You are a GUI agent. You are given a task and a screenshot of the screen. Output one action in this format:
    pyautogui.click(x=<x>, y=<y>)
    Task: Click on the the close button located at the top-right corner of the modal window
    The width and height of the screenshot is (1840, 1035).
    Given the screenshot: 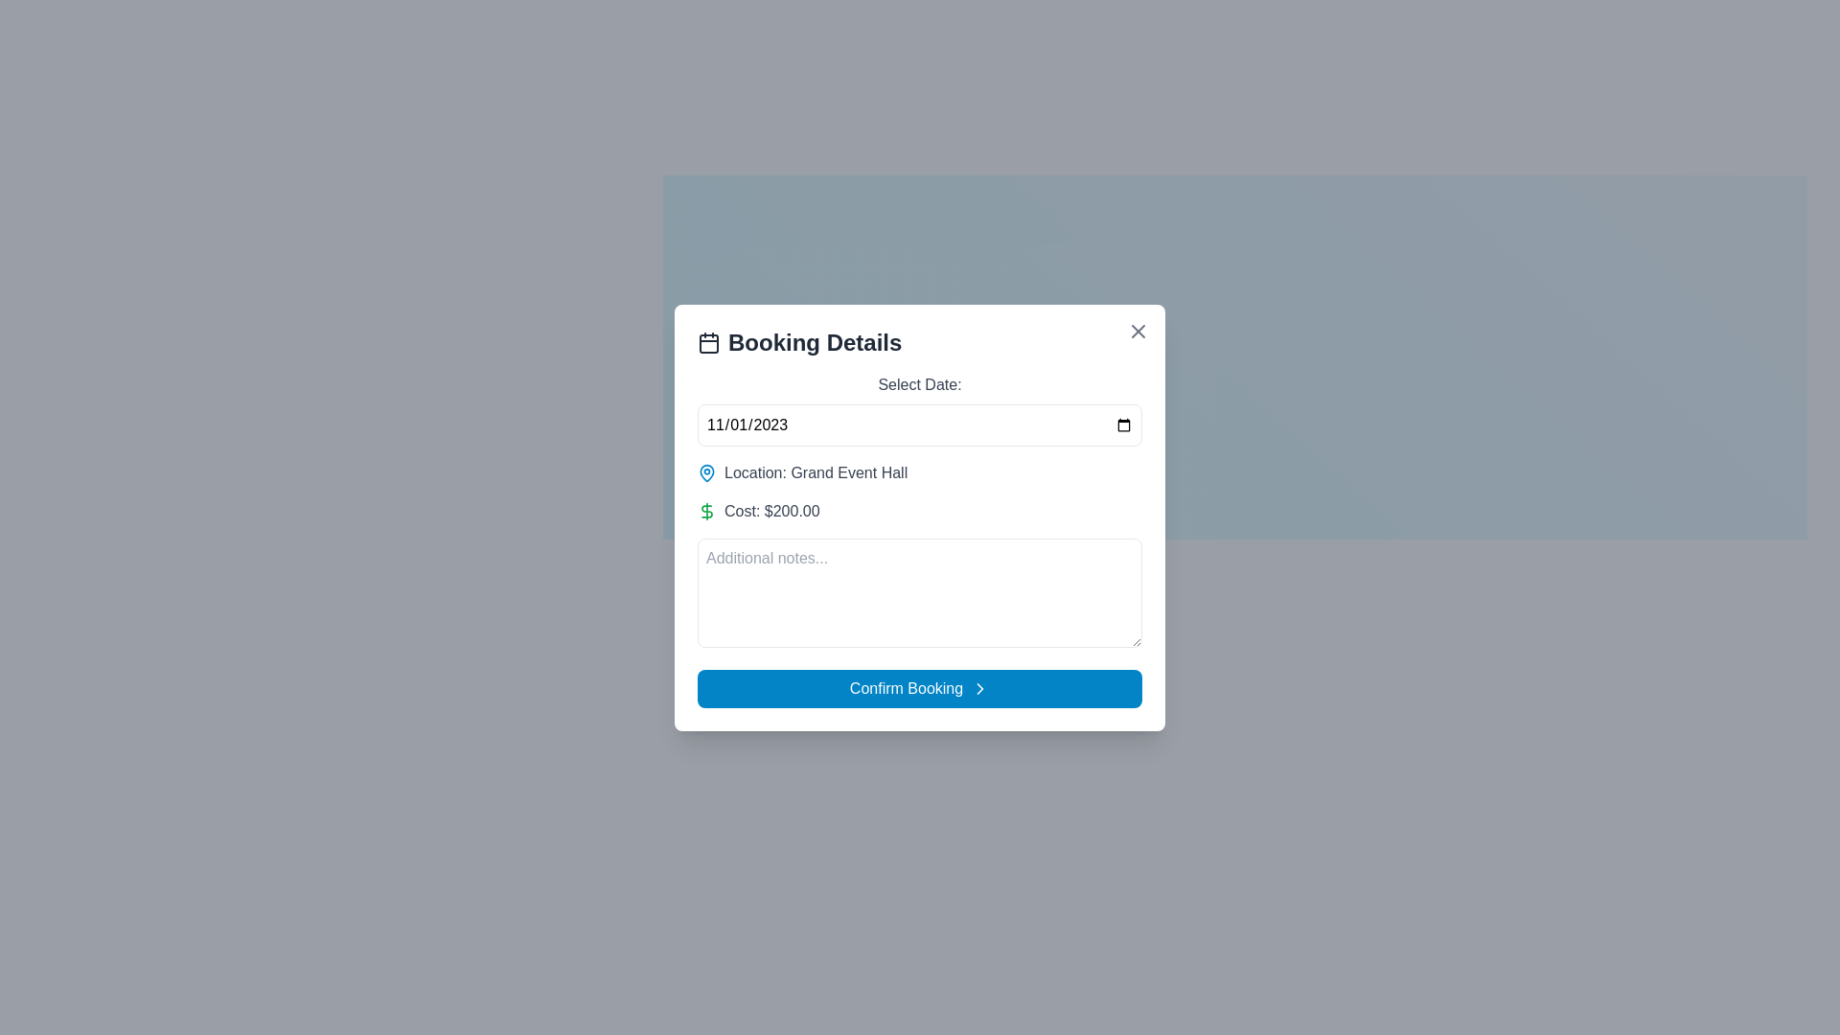 What is the action you would take?
    pyautogui.click(x=1138, y=330)
    